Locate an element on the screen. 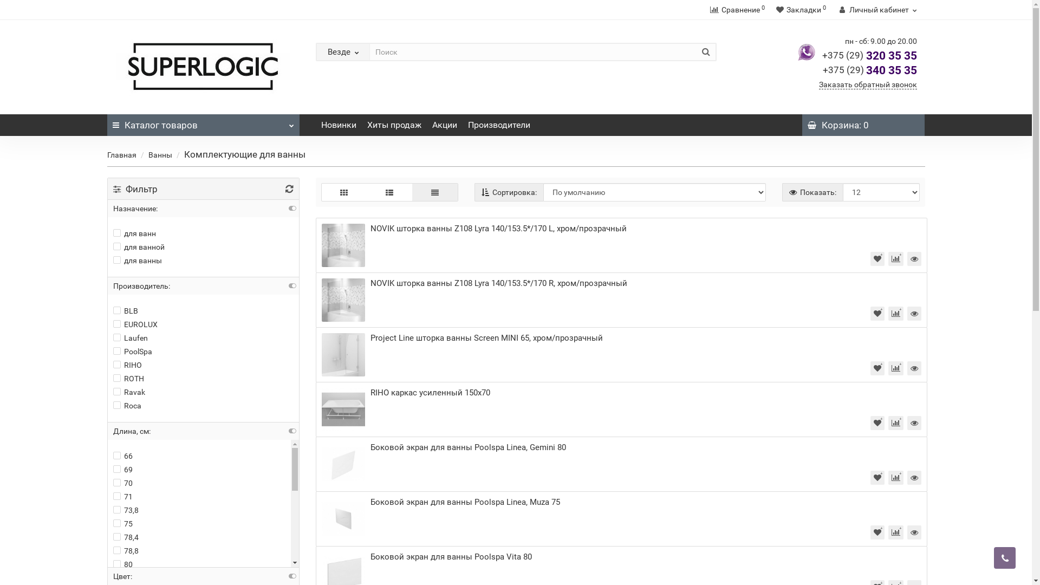 This screenshot has width=1040, height=585. '+375 (29) 340 35 35' is located at coordinates (822, 70).